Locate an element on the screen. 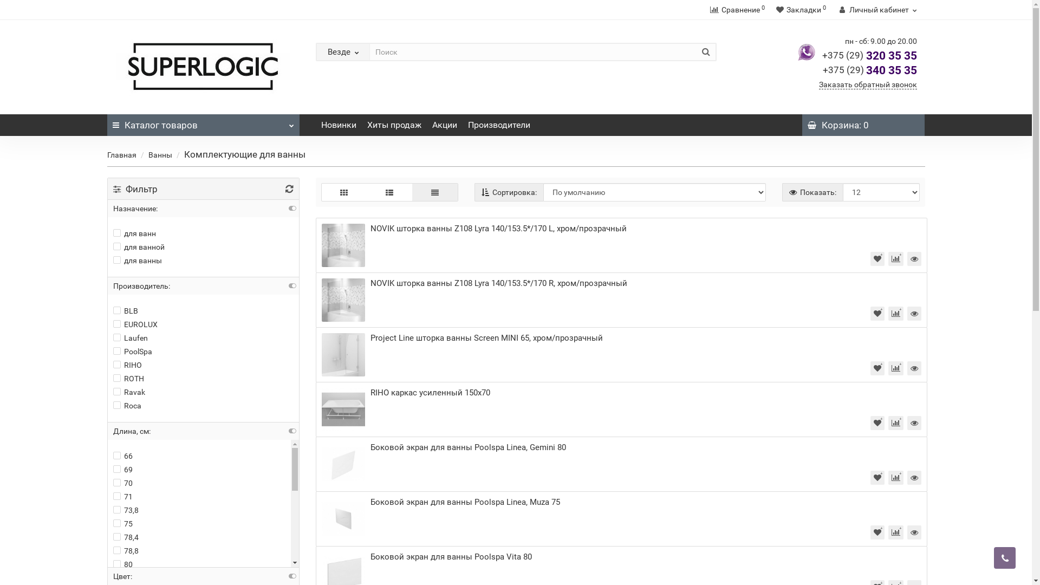 This screenshot has width=1040, height=585. '+375 (29) 340 35 35' is located at coordinates (822, 70).